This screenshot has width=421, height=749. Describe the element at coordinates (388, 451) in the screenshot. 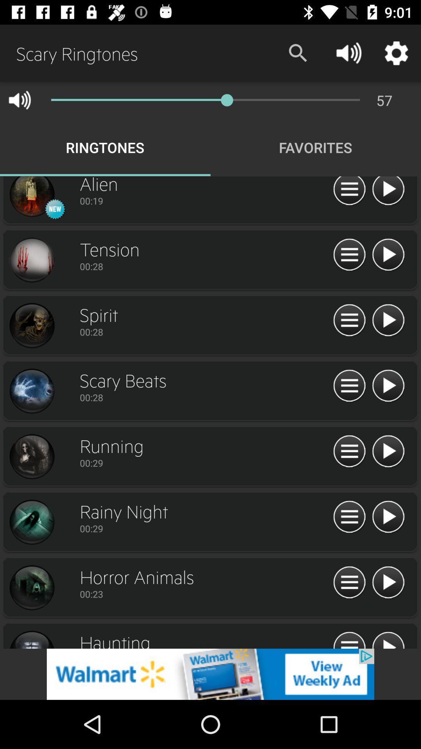

I see `next` at that location.